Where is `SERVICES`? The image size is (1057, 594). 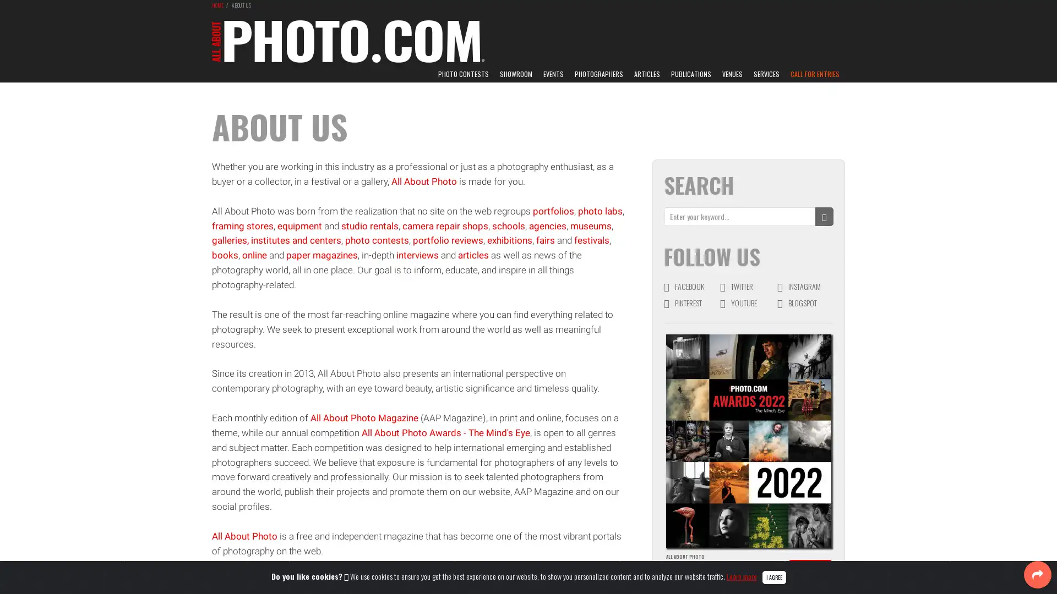 SERVICES is located at coordinates (766, 74).